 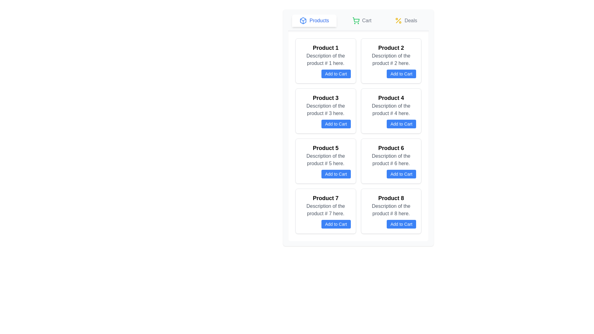 I want to click on the button that adds Product 7 to the shopping cart using keyboard navigation, so click(x=336, y=224).